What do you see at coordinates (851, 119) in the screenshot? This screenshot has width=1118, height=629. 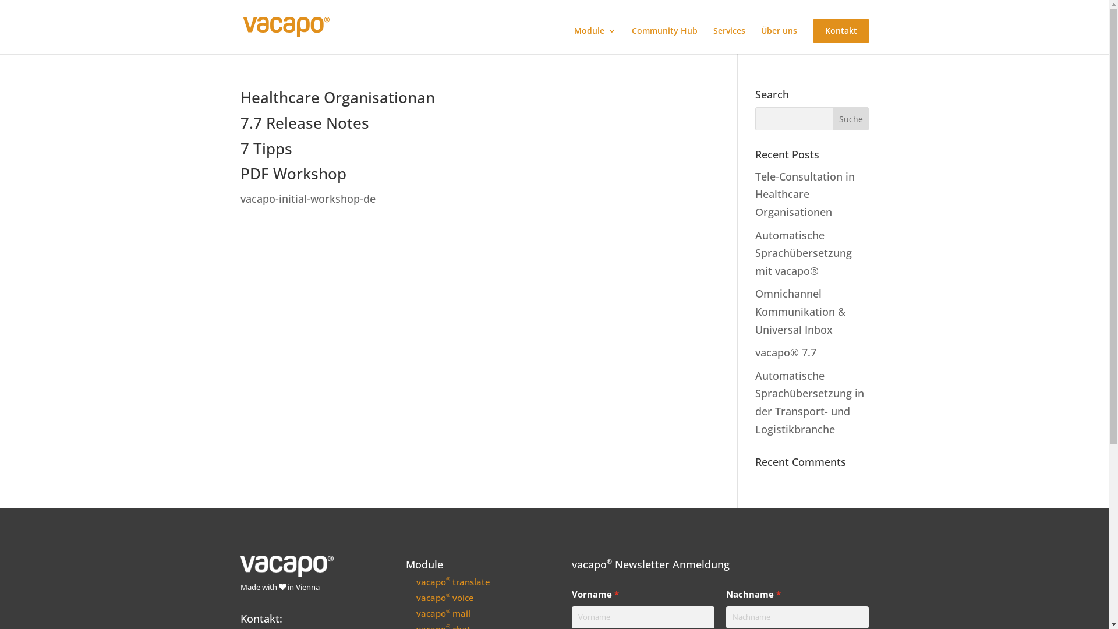 I see `'Suche'` at bounding box center [851, 119].